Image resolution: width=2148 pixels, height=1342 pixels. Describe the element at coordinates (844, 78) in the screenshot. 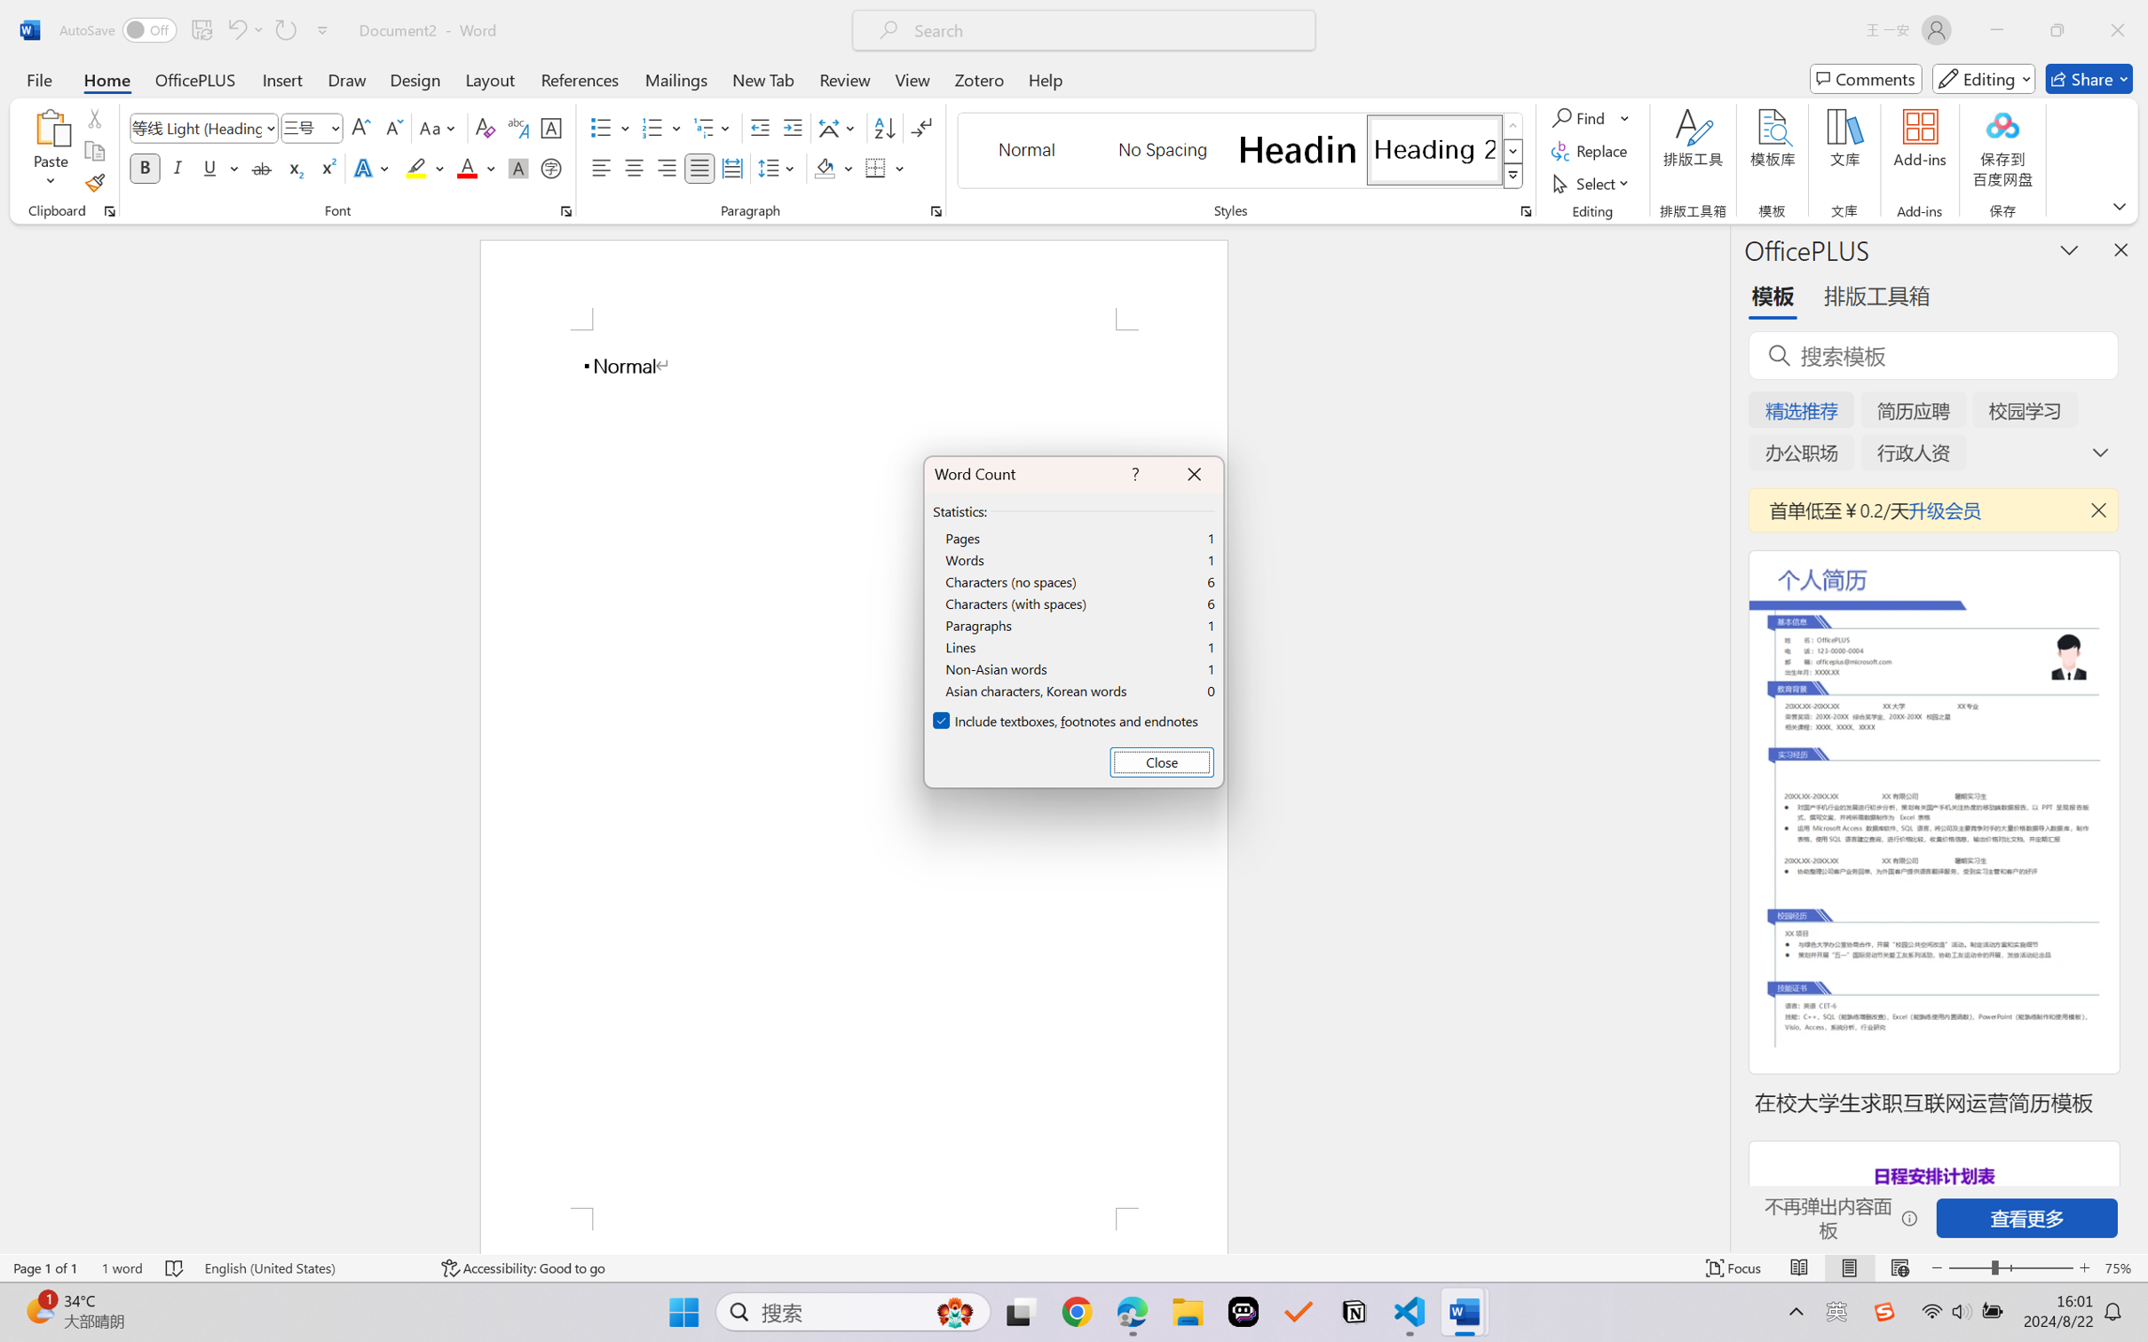

I see `'Review'` at that location.